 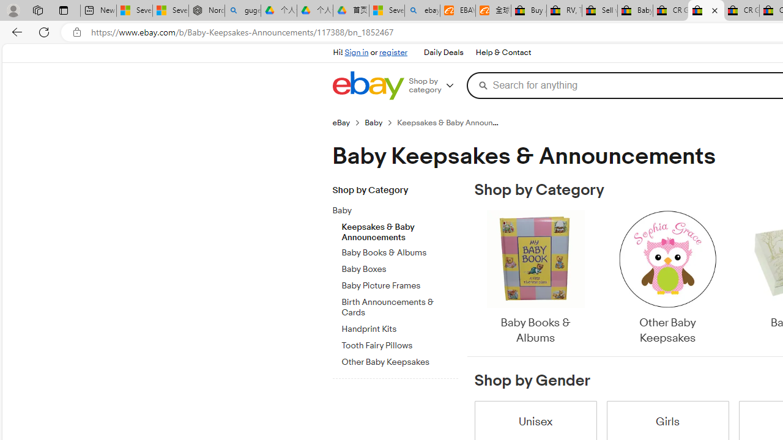 I want to click on 'New tab', so click(x=98, y=10).